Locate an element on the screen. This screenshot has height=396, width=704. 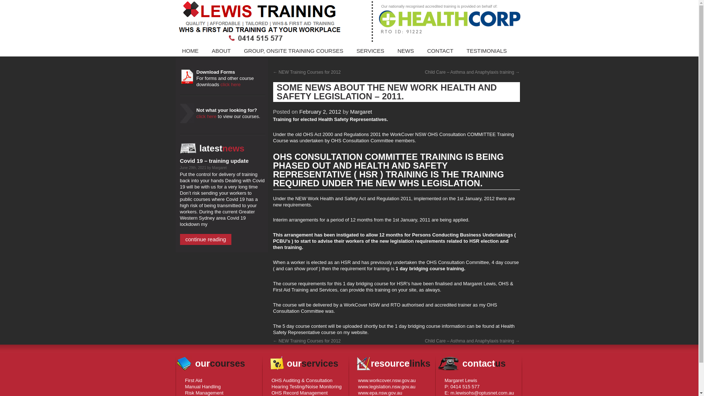
'OHS Record Management' is located at coordinates (299, 392).